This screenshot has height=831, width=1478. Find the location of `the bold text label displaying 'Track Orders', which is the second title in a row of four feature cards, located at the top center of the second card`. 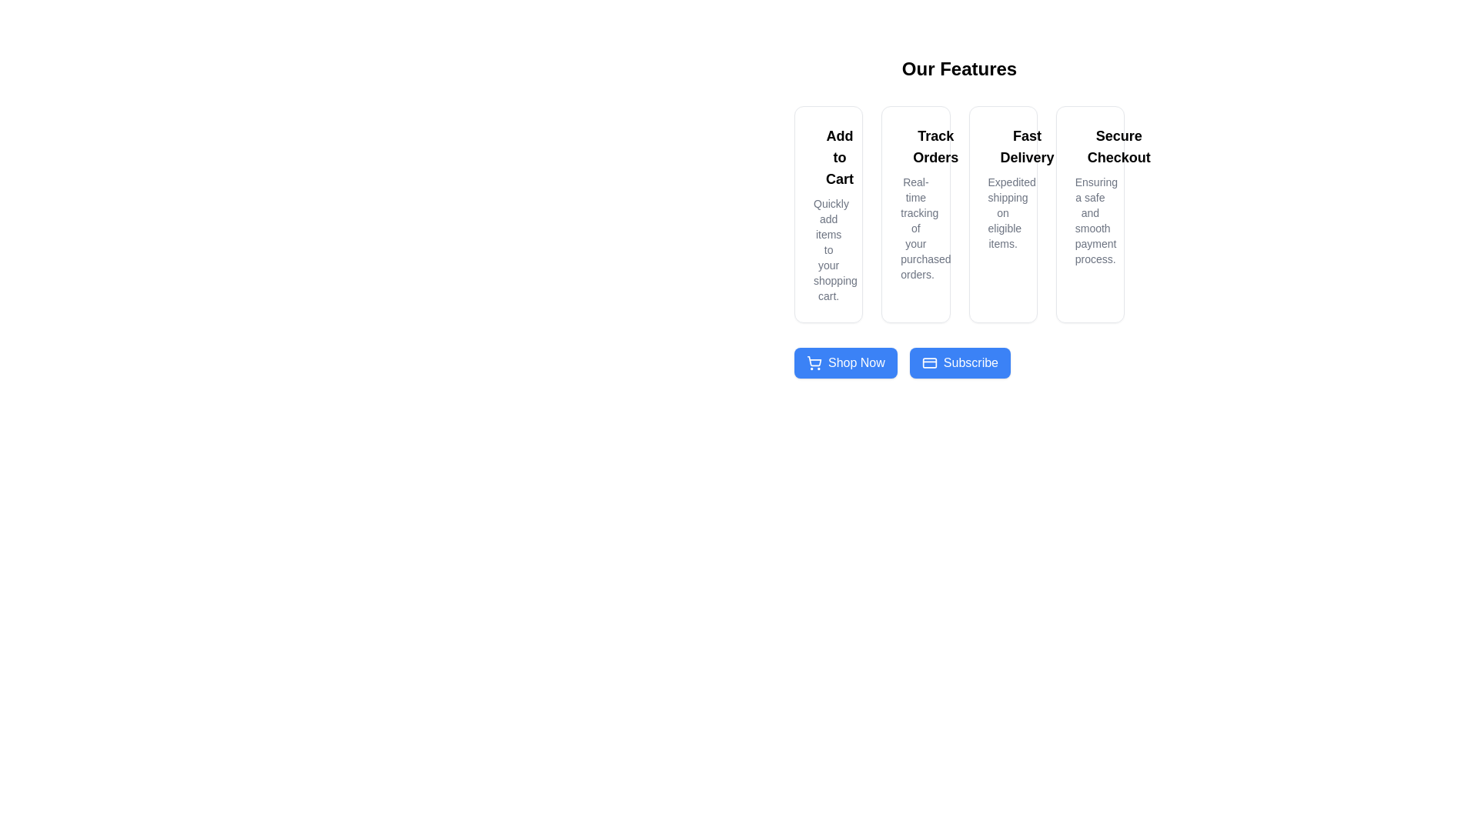

the bold text label displaying 'Track Orders', which is the second title in a row of four feature cards, located at the top center of the second card is located at coordinates (935, 147).